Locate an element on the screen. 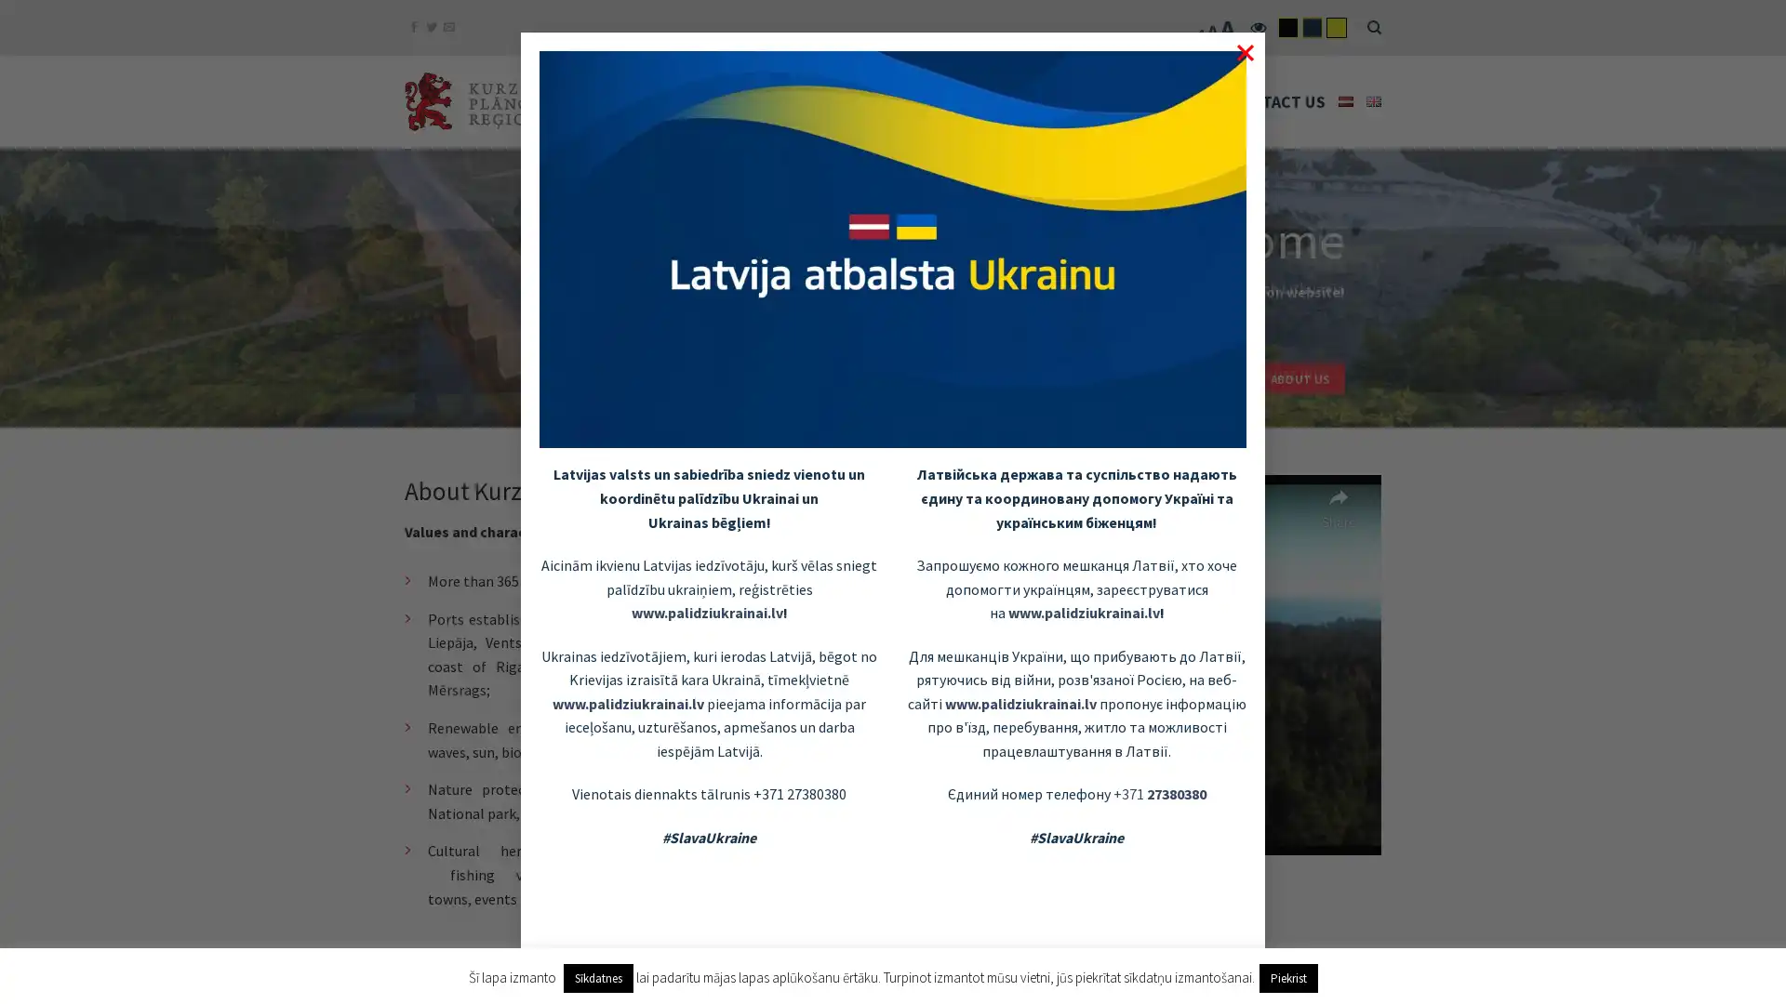 The width and height of the screenshot is (1786, 1004). previous is located at coordinates (58, 286).